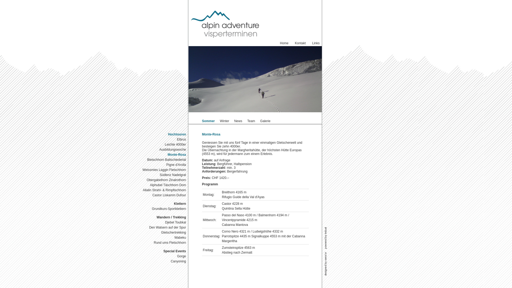 This screenshot has height=288, width=512. Describe the element at coordinates (162, 222) in the screenshot. I see `'Djebel Toubkal'` at that location.